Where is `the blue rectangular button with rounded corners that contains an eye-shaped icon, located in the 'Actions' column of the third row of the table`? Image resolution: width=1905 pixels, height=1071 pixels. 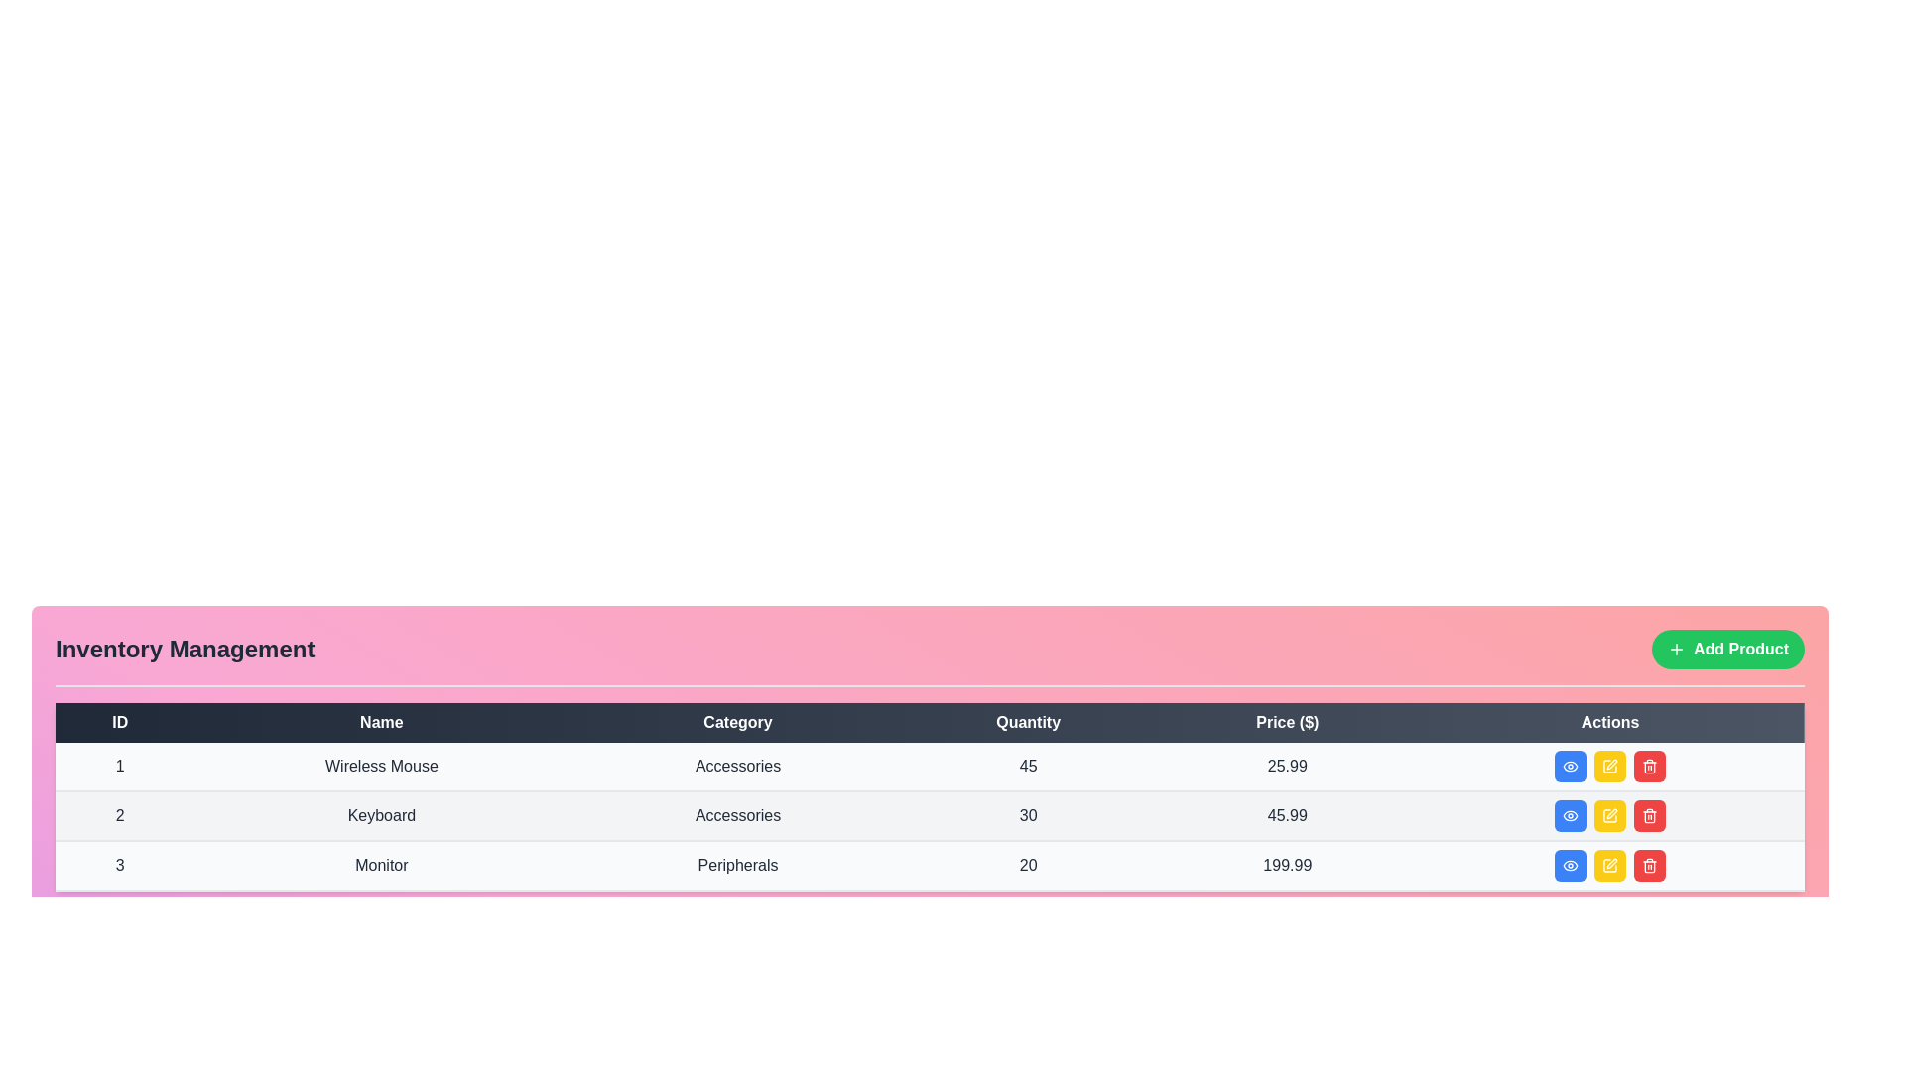
the blue rectangular button with rounded corners that contains an eye-shaped icon, located in the 'Actions' column of the third row of the table is located at coordinates (1570, 864).